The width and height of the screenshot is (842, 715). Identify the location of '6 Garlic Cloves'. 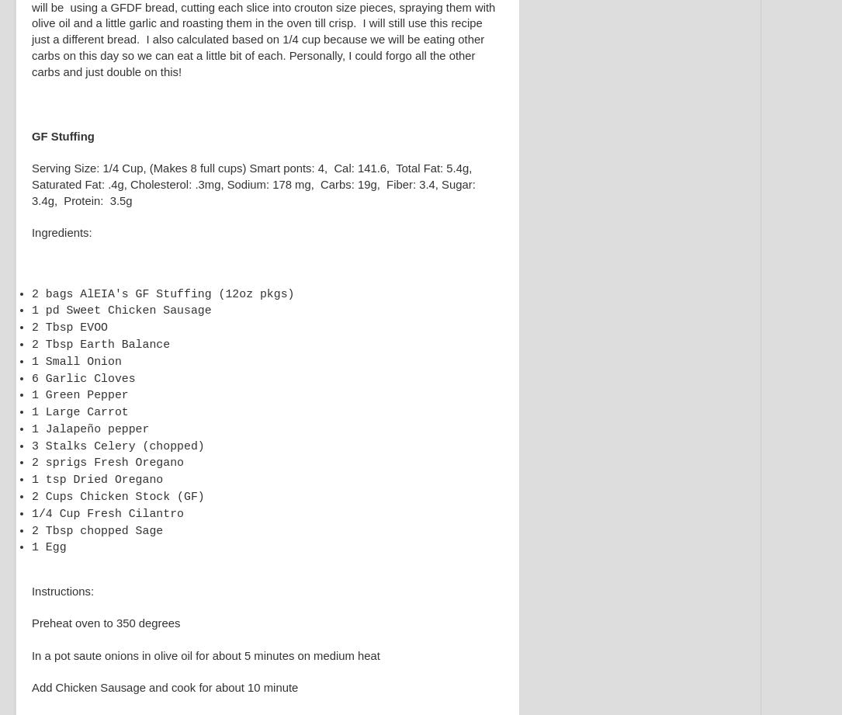
(32, 377).